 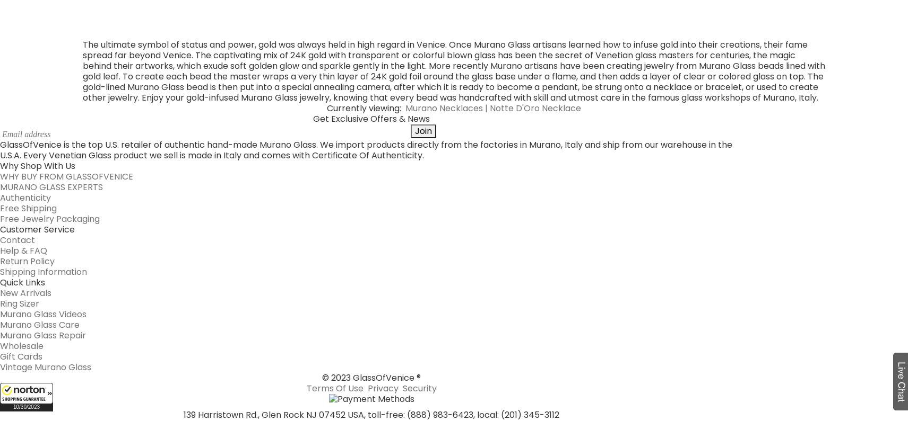 What do you see at coordinates (49, 24) in the screenshot?
I see `'Free Jewelry Packaging'` at bounding box center [49, 24].